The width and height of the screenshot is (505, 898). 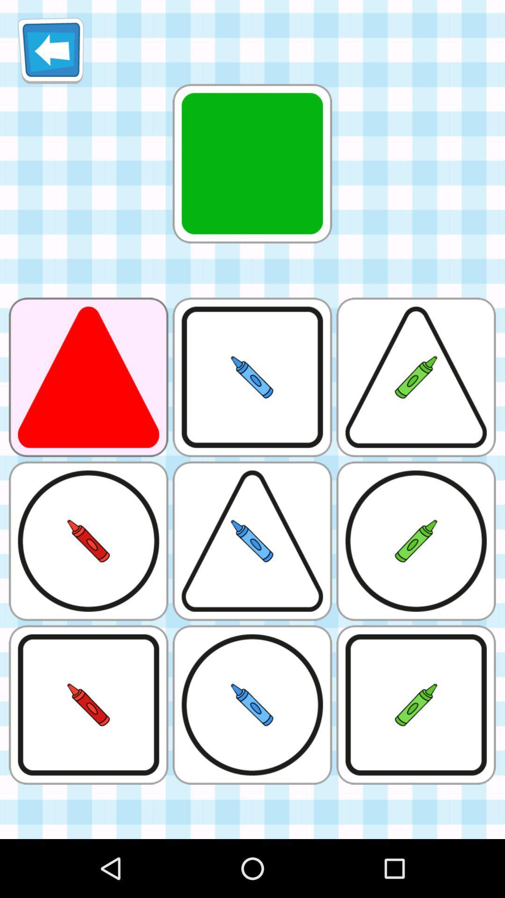 What do you see at coordinates (88, 541) in the screenshot?
I see `the circular image which is below the red triangle` at bounding box center [88, 541].